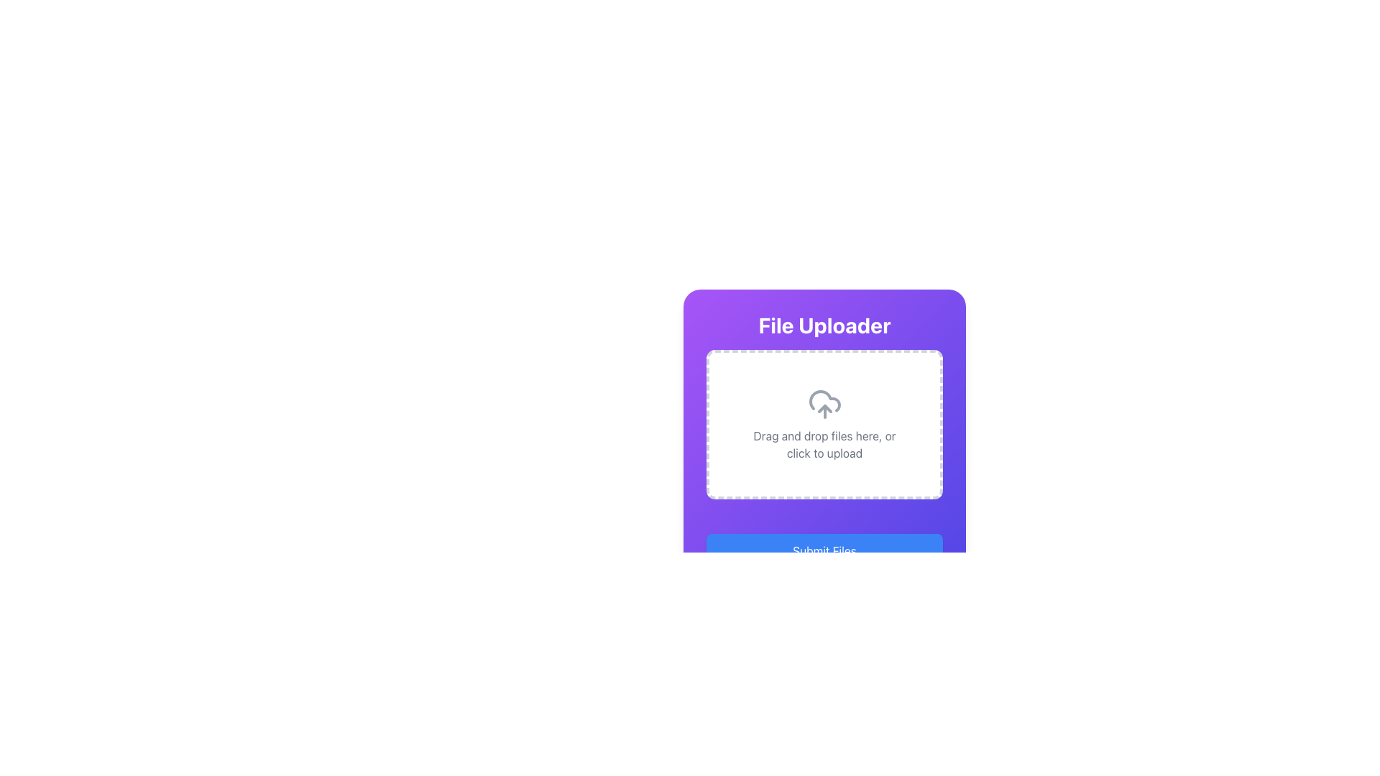 The height and width of the screenshot is (776, 1380). I want to click on a file into the dashed area of the modal window for file upload, which has a gradient background and the text 'Drag and drop files here, or click, so click(824, 412).